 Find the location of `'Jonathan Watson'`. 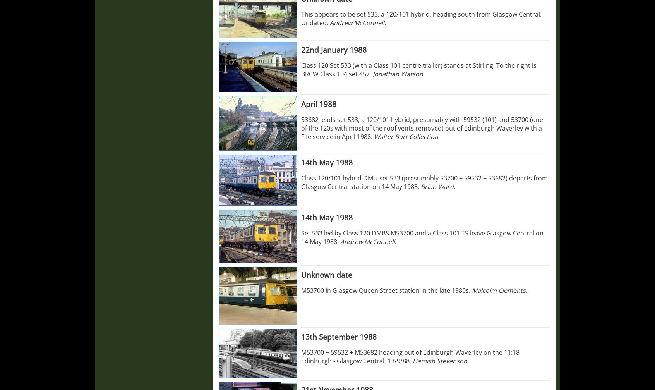

'Jonathan Watson' is located at coordinates (398, 74).